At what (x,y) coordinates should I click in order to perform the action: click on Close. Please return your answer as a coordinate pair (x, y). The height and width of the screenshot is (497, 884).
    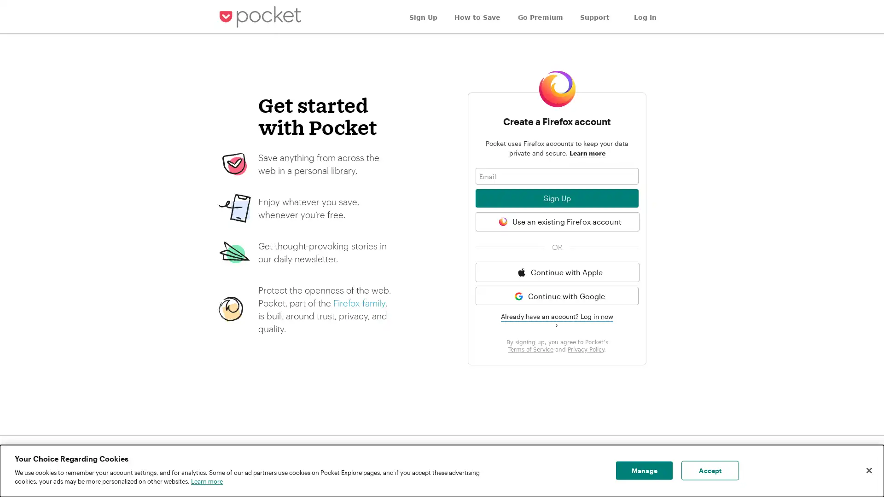
    Looking at the image, I should click on (868, 470).